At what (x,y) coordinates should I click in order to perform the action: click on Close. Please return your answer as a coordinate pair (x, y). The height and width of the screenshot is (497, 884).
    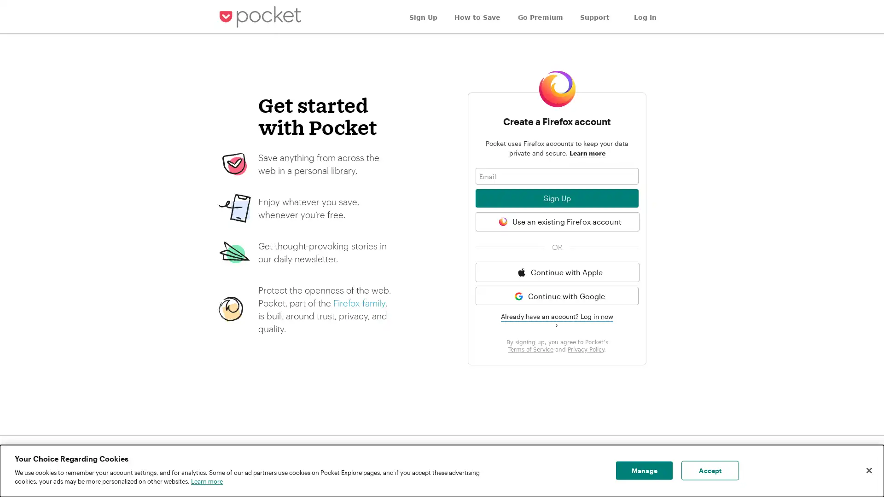
    Looking at the image, I should click on (868, 470).